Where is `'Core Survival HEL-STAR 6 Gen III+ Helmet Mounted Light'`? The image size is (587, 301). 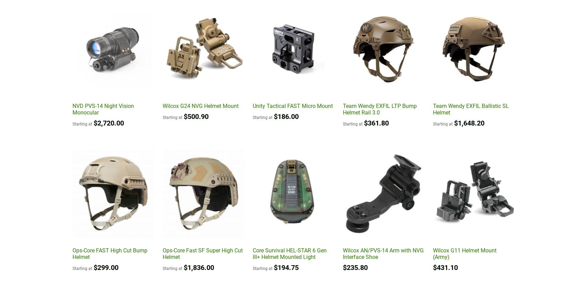 'Core Survival HEL-STAR 6 Gen III+ Helmet Mounted Light' is located at coordinates (289, 253).